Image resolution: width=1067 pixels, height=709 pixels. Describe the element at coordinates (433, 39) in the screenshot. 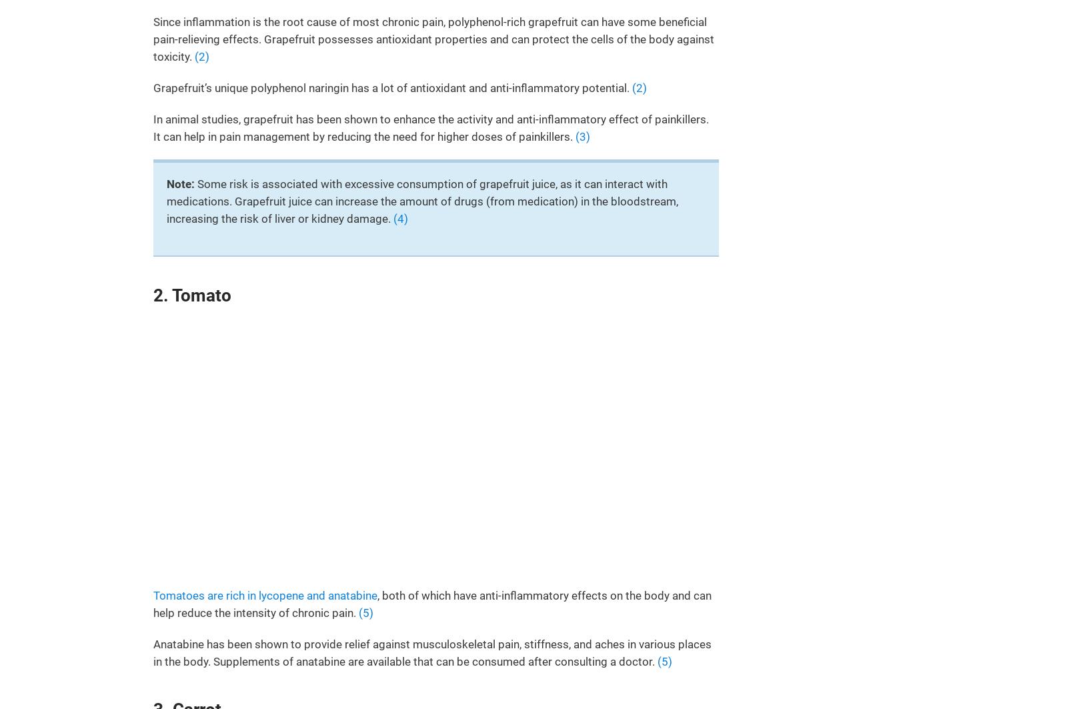

I see `'Since inflammation is the root cause of most chronic pain, polyphenol-rich grapefruit can have some beneficial pain-relieving effects. Grapefruit possesses antioxidant properties and can protect the cells of the body against toxicity.'` at that location.